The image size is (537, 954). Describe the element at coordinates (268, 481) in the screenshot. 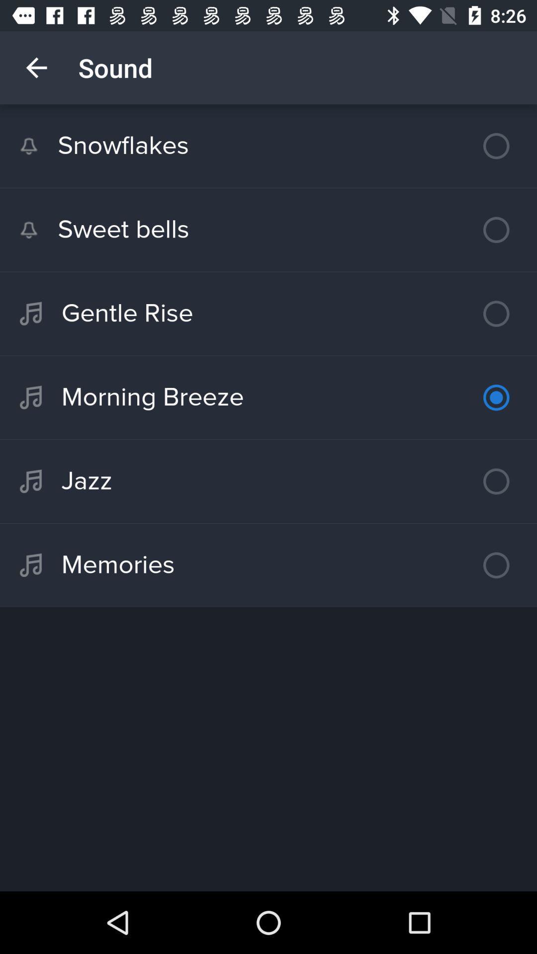

I see `icon below the morning breeze icon` at that location.